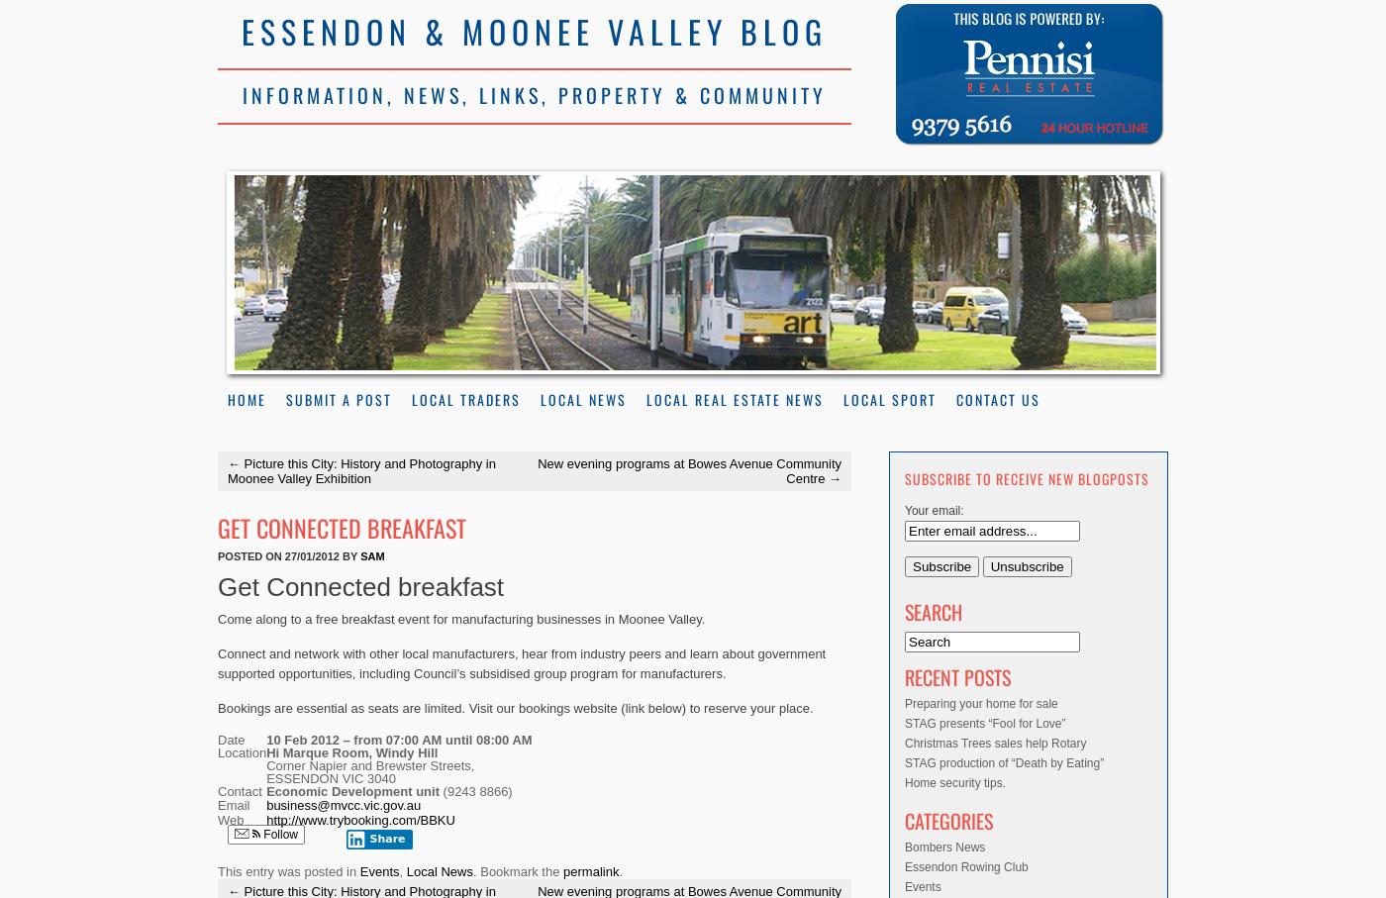 Image resolution: width=1386 pixels, height=898 pixels. I want to click on 'Categories', so click(948, 819).